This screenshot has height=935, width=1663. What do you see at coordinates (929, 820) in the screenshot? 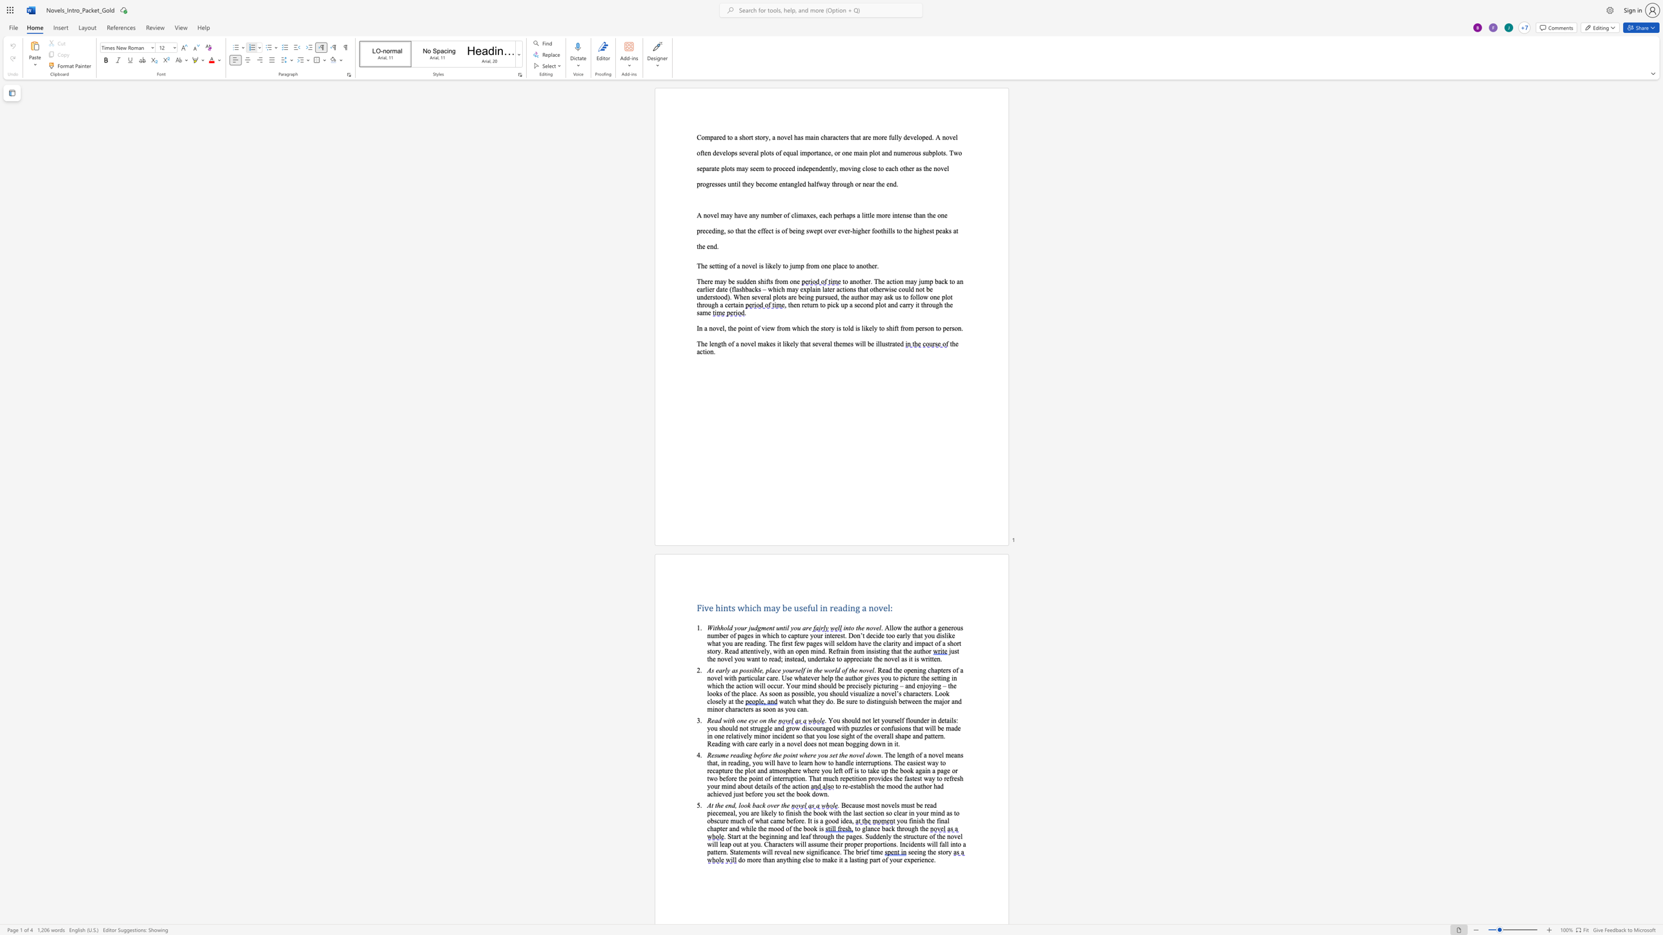
I see `the space between the continuous character "t" and "h" in the text` at bounding box center [929, 820].